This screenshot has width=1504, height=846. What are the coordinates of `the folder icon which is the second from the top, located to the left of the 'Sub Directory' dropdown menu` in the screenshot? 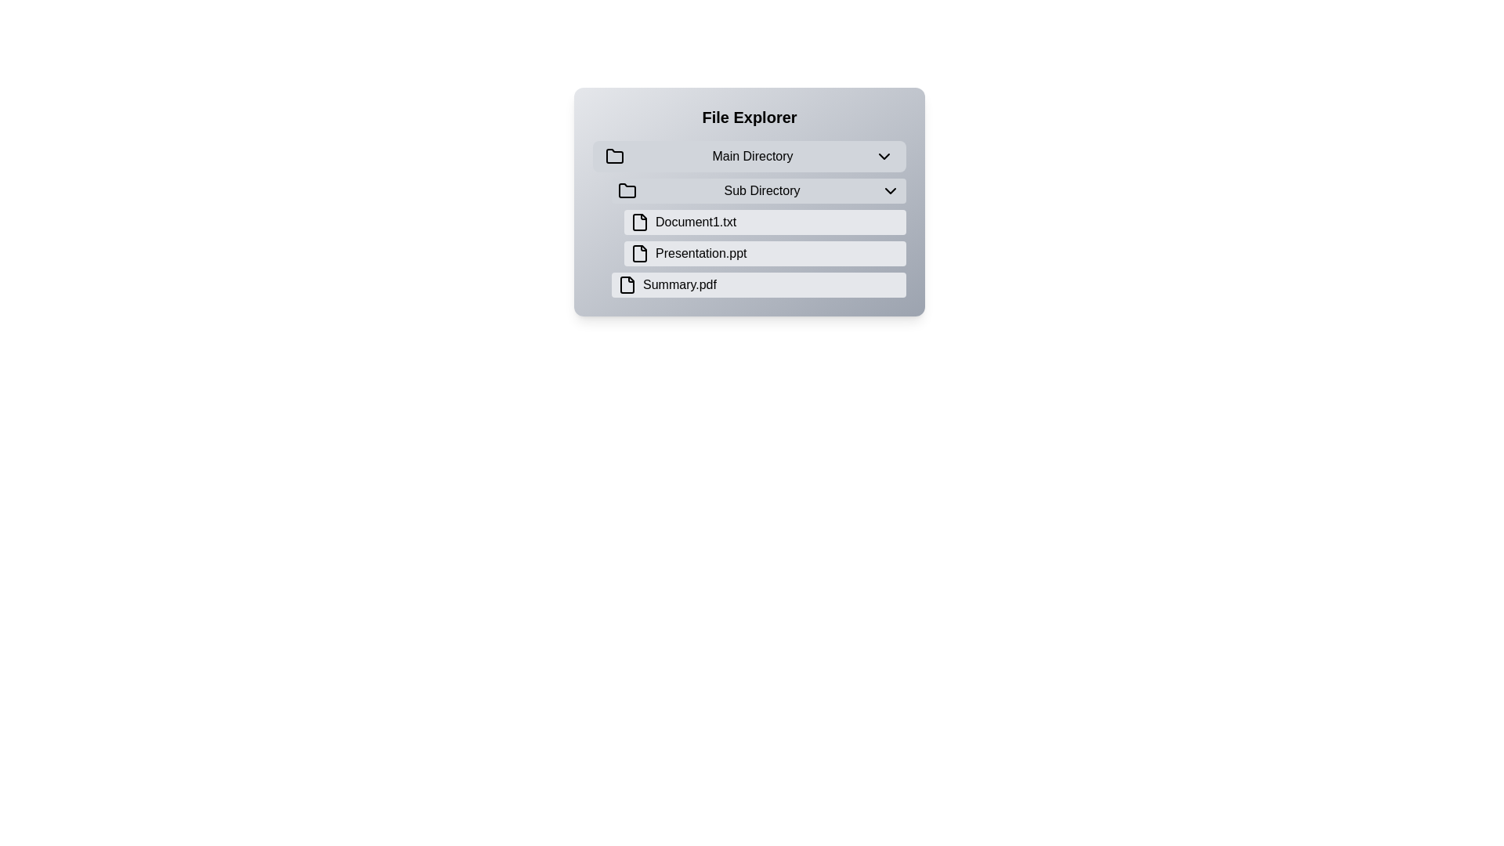 It's located at (627, 190).